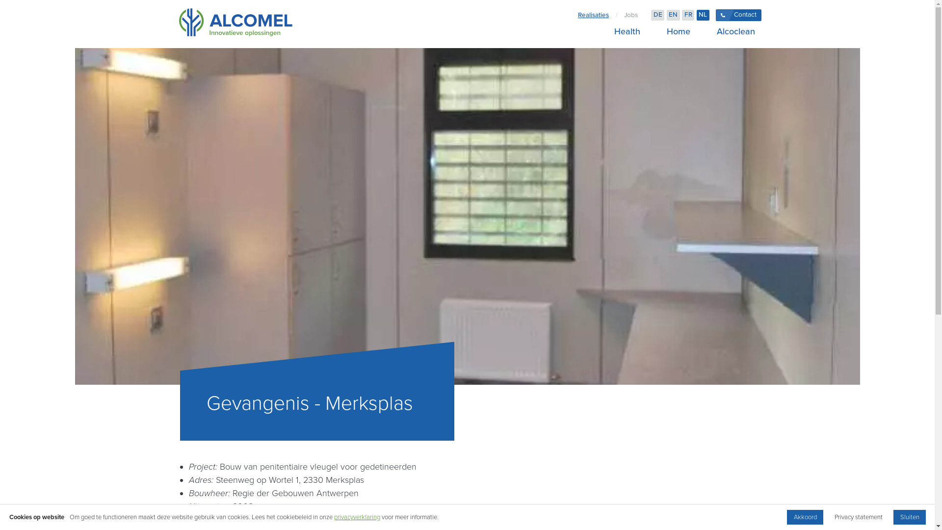 The height and width of the screenshot is (530, 942). Describe the element at coordinates (179, 24) in the screenshot. I see `'alcomel'` at that location.